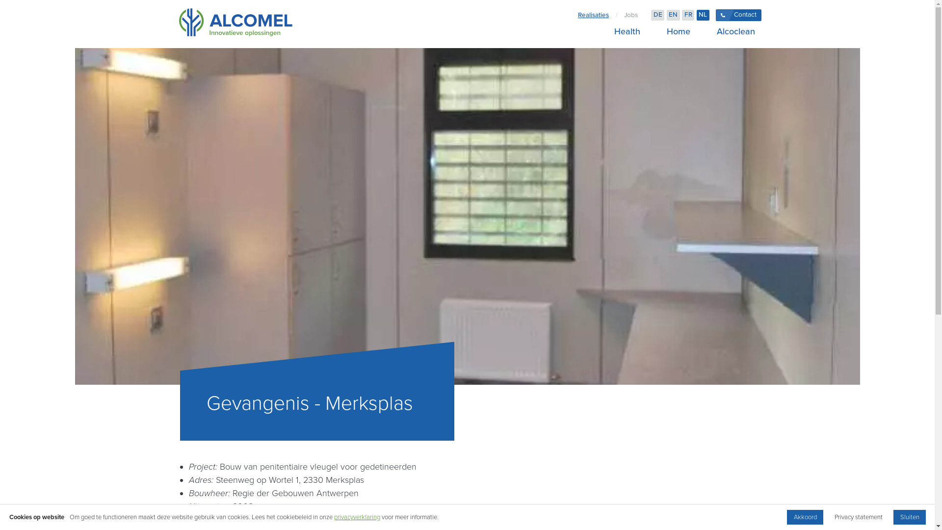 The height and width of the screenshot is (530, 942). Describe the element at coordinates (179, 24) in the screenshot. I see `'alcomel'` at that location.